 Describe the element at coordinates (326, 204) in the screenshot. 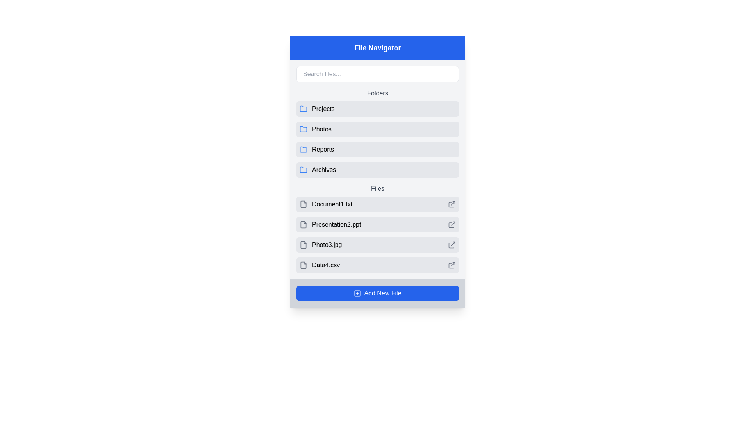

I see `the file entry labeled 'Document1.txt' in the file navigator interface` at that location.